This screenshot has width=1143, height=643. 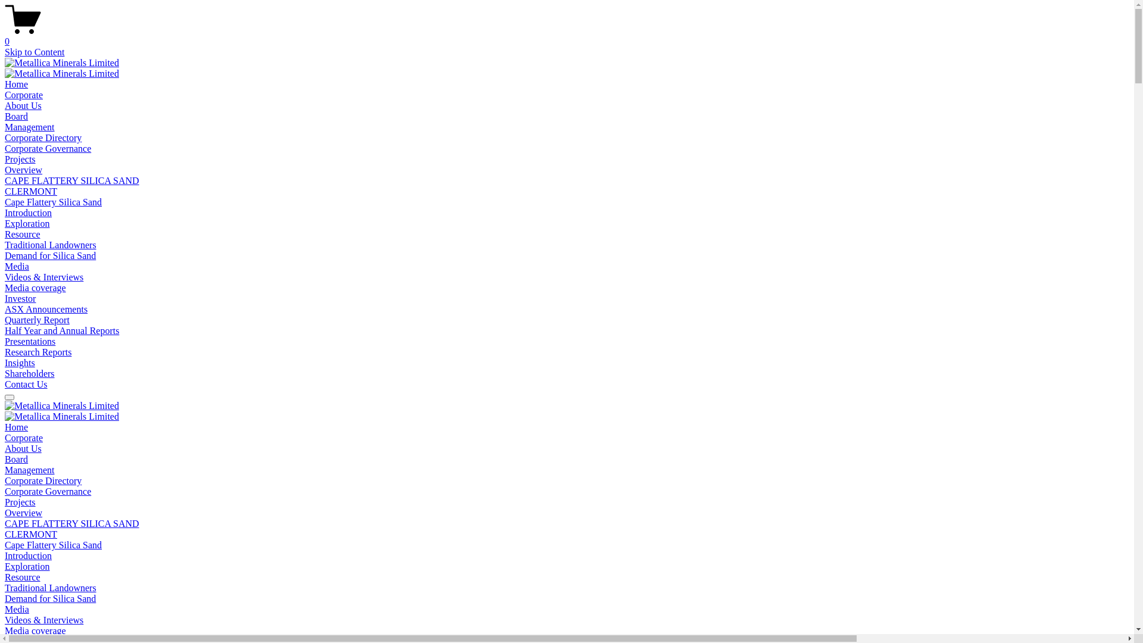 I want to click on 'CLERMONT', so click(x=31, y=191).